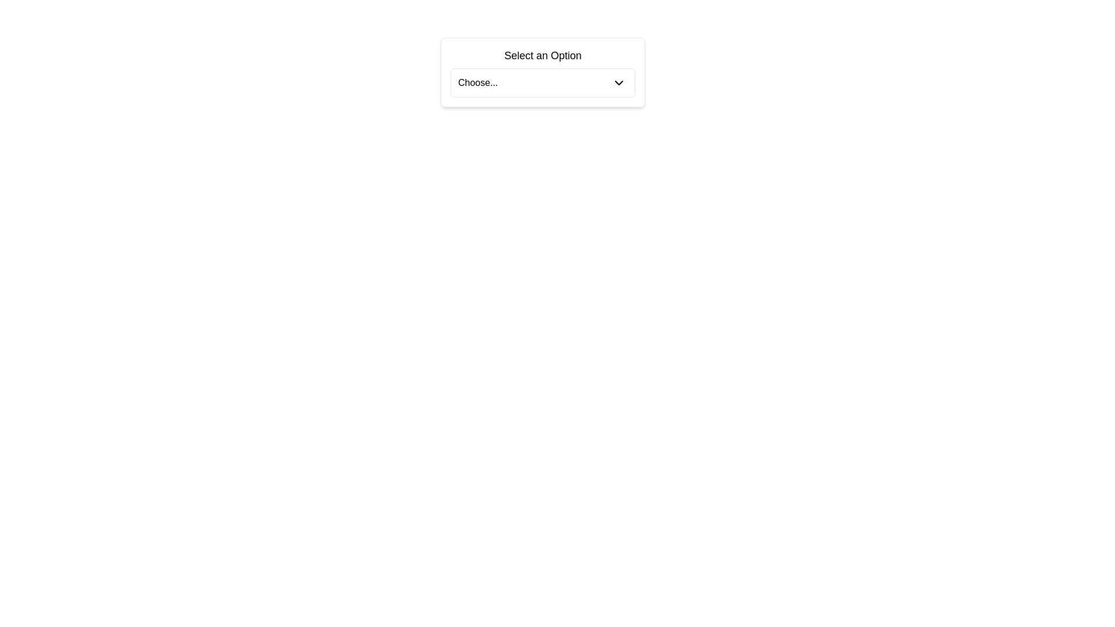 The width and height of the screenshot is (1115, 627). What do you see at coordinates (618, 82) in the screenshot?
I see `the downward-facing chevron icon located at the right end of the dropdown menu labeled 'Choose...'` at bounding box center [618, 82].